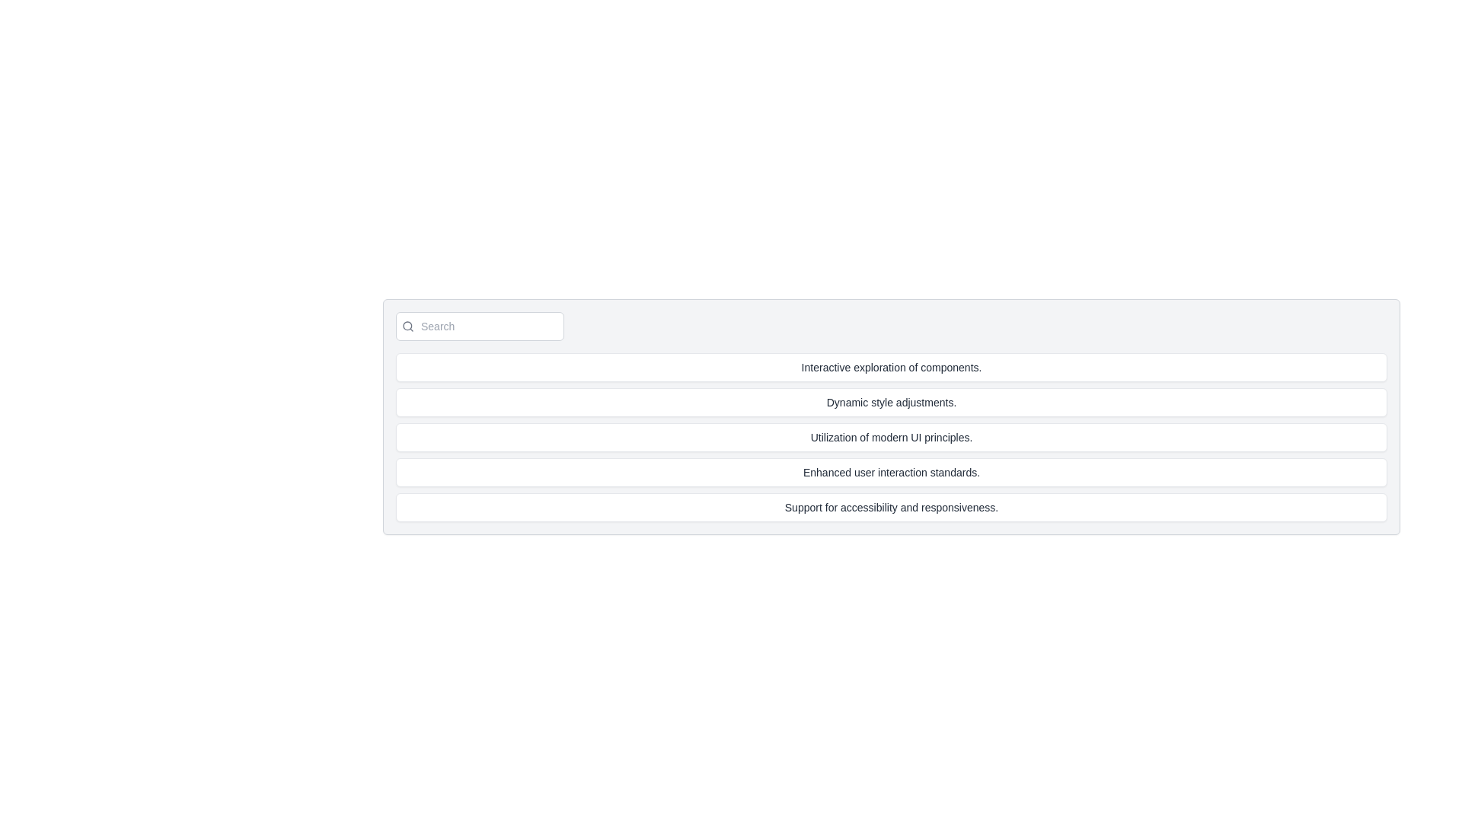 Image resolution: width=1462 pixels, height=822 pixels. What do you see at coordinates (960, 367) in the screenshot?
I see `the lowercase letter 'e' in the word 'components' which is displayed in grey against a white background, part of the sentence 'Interactive exploration of components.'` at bounding box center [960, 367].